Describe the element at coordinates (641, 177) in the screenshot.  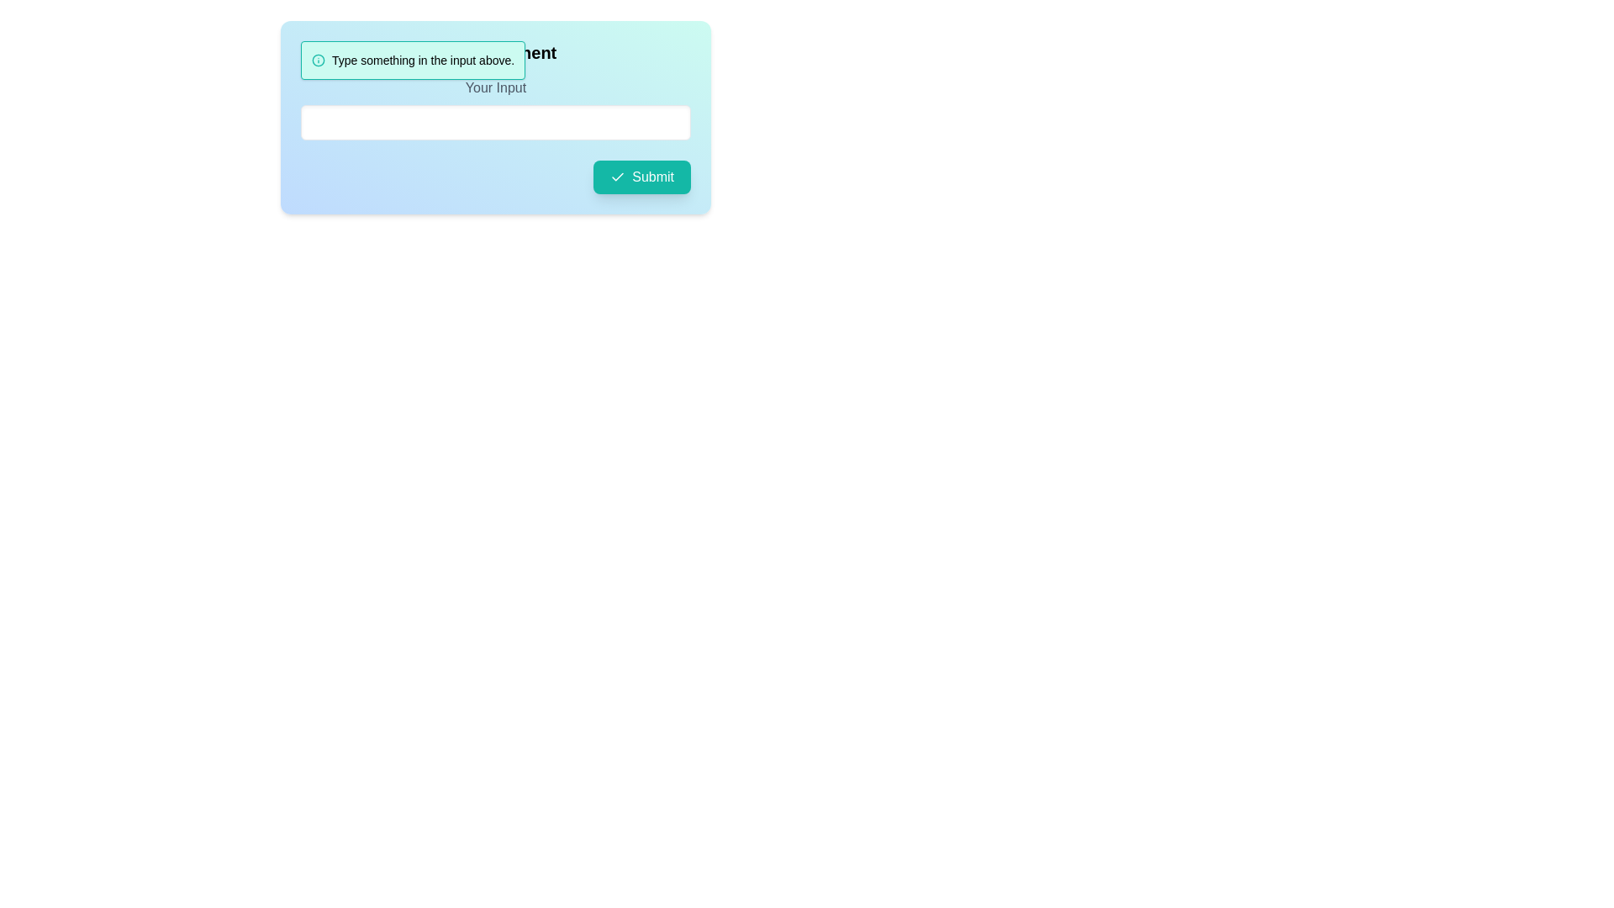
I see `the teal 'Submit' button with rounded corners, which features white text and a checkmark icon` at that location.